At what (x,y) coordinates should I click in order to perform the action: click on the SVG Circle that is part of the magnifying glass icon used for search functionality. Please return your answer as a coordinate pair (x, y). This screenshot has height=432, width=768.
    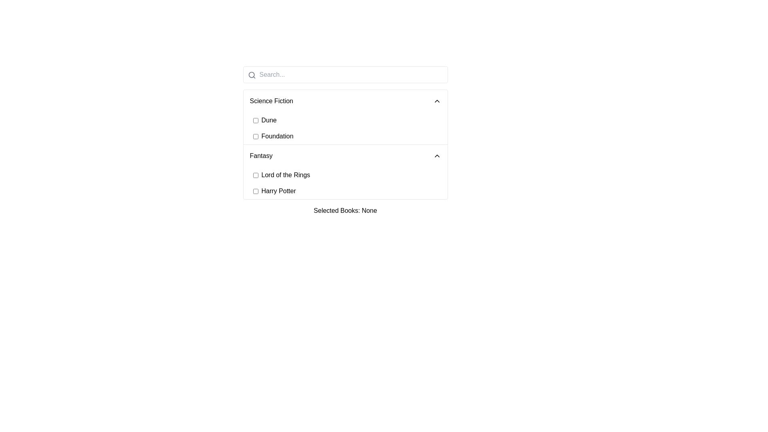
    Looking at the image, I should click on (251, 75).